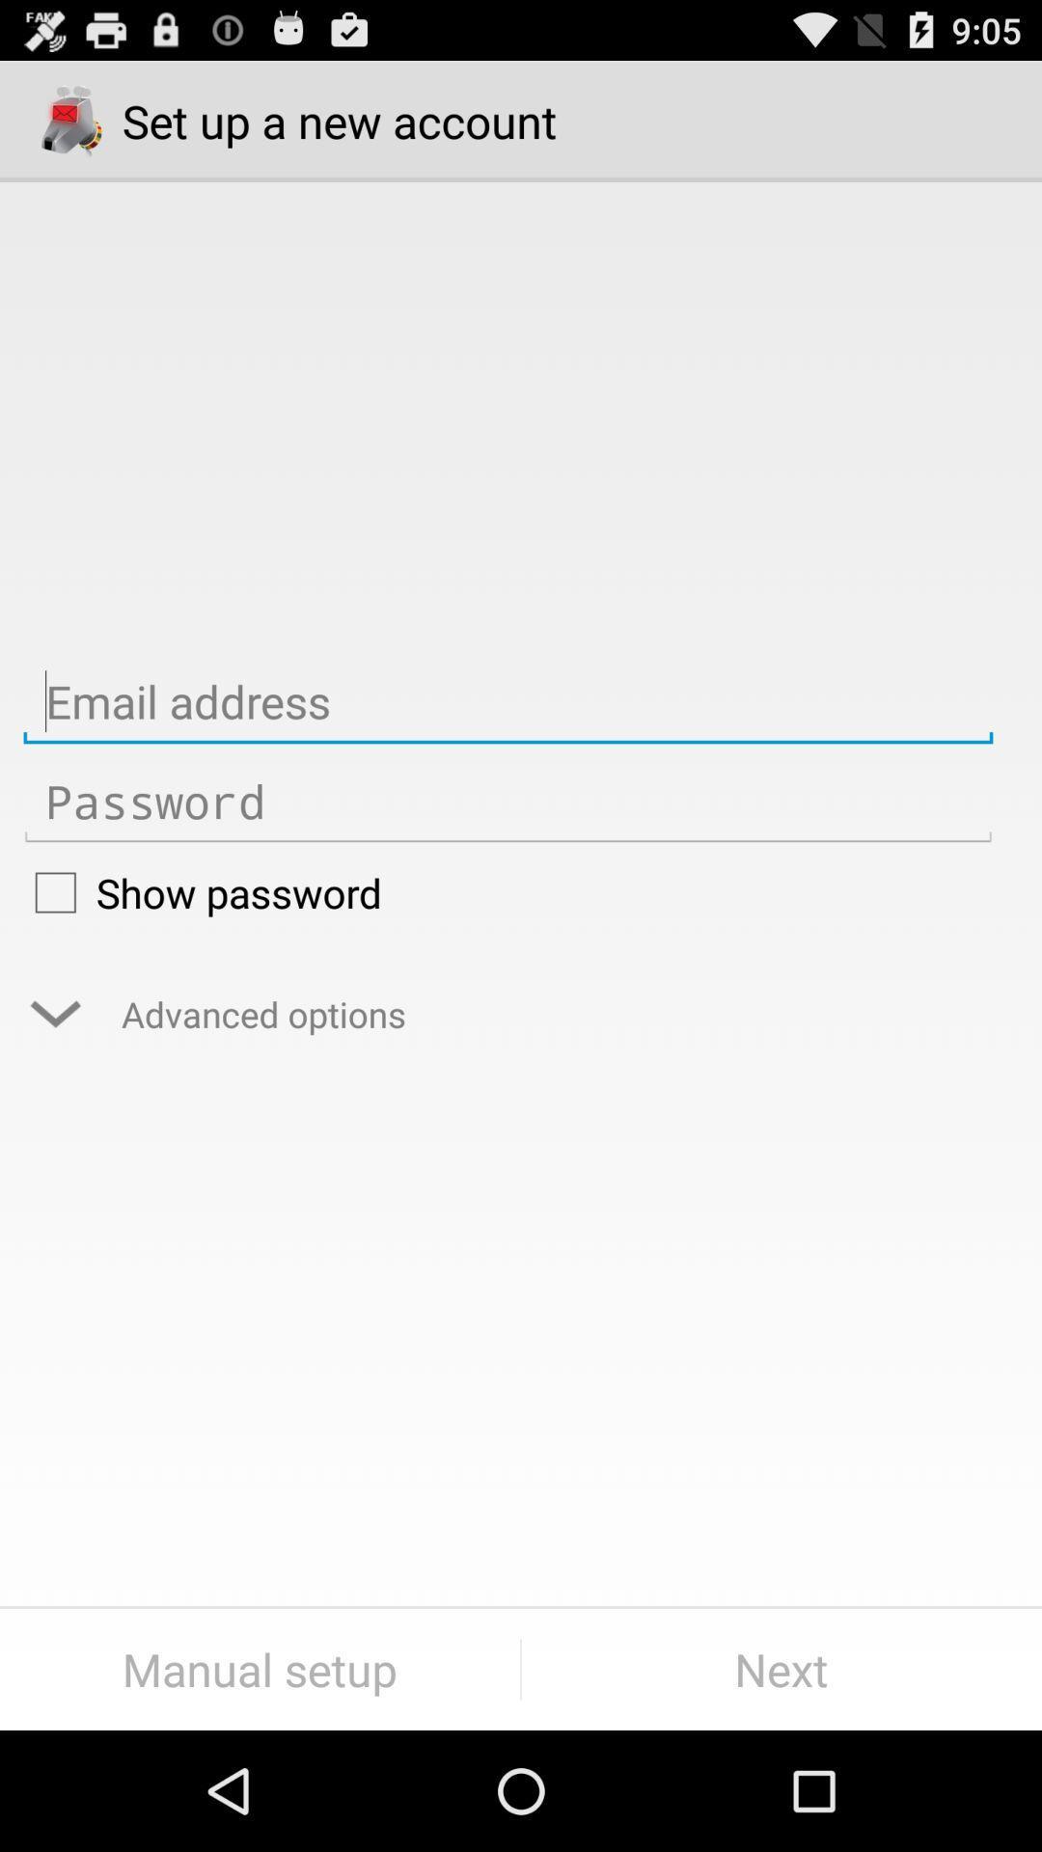  What do you see at coordinates (507, 891) in the screenshot?
I see `show password icon` at bounding box center [507, 891].